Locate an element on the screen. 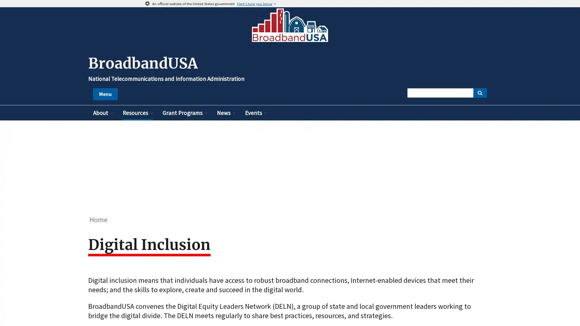 The image size is (580, 326). Events is located at coordinates (256, 113).